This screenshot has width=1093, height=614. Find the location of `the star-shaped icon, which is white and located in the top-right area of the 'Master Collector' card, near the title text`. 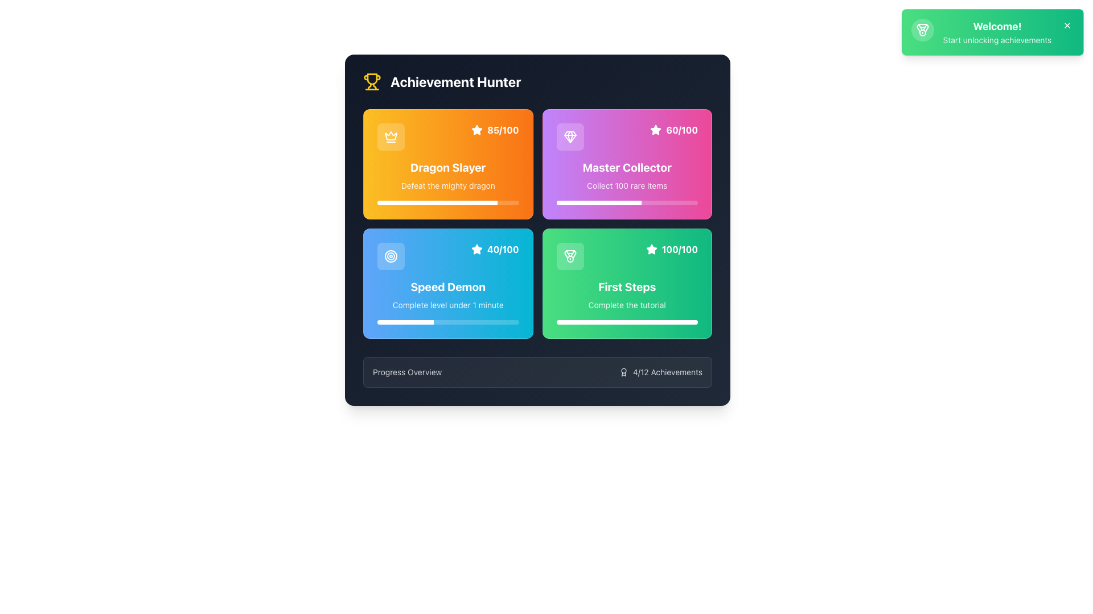

the star-shaped icon, which is white and located in the top-right area of the 'Master Collector' card, near the title text is located at coordinates (651, 248).